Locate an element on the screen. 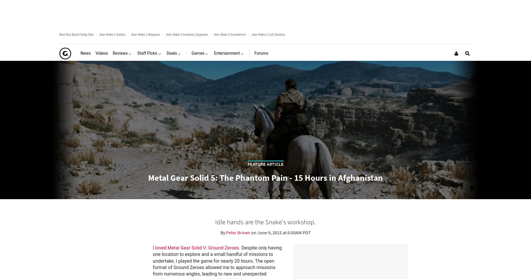 The width and height of the screenshot is (531, 279). 'Peter Brown' is located at coordinates (238, 232).